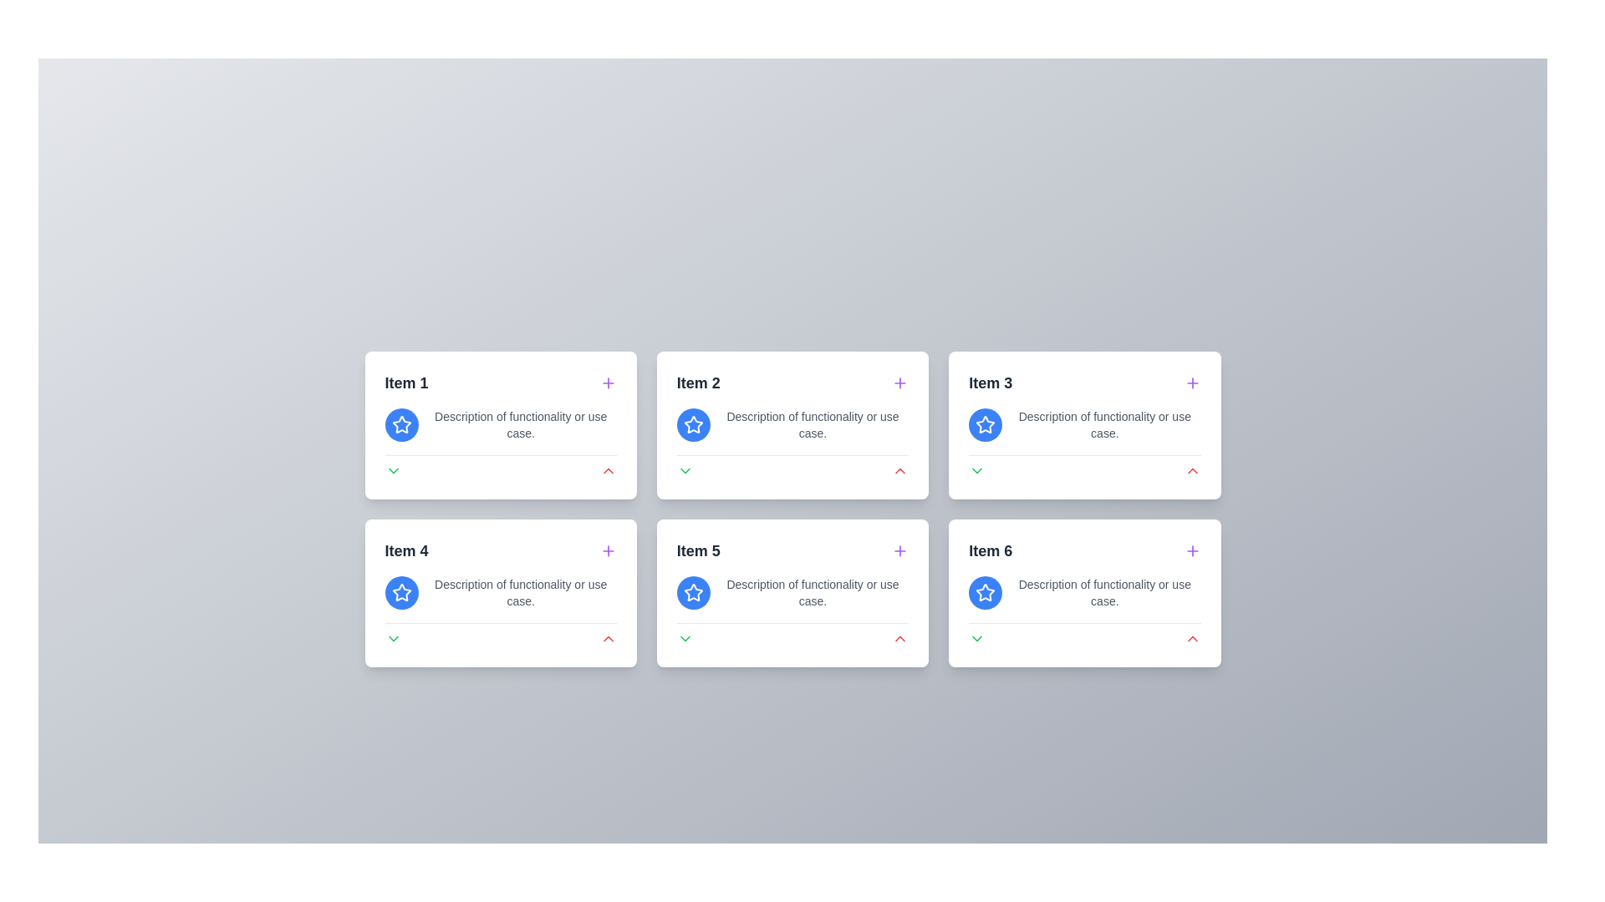  Describe the element at coordinates (899, 638) in the screenshot. I see `the collapse button located at the bottom-right corner of Item 6 card` at that location.